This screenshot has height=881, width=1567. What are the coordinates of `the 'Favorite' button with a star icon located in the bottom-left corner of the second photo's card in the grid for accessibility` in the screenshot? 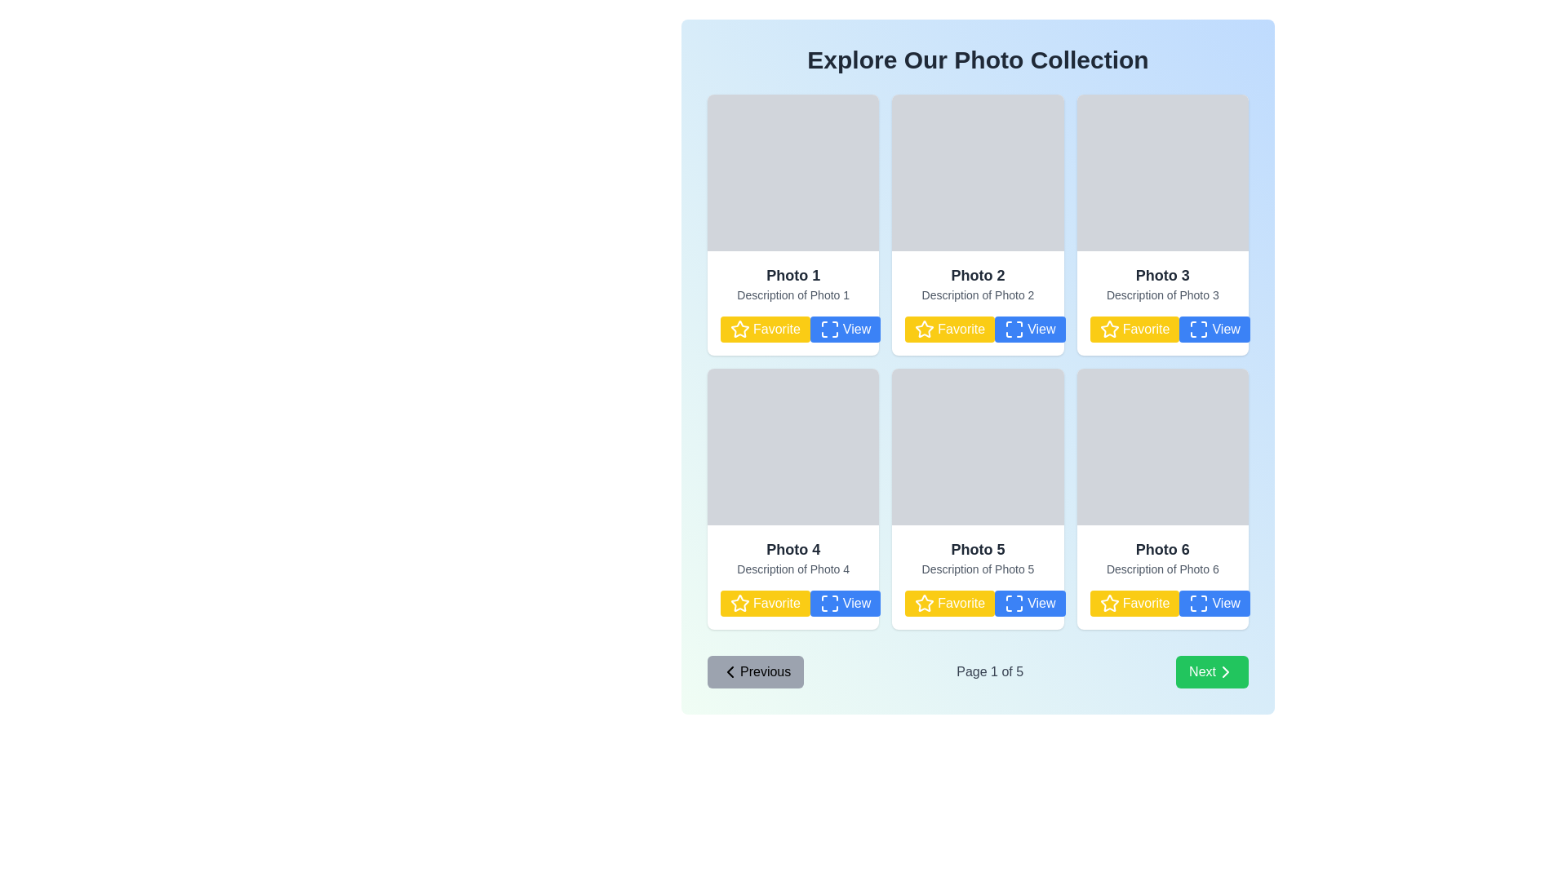 It's located at (978, 330).